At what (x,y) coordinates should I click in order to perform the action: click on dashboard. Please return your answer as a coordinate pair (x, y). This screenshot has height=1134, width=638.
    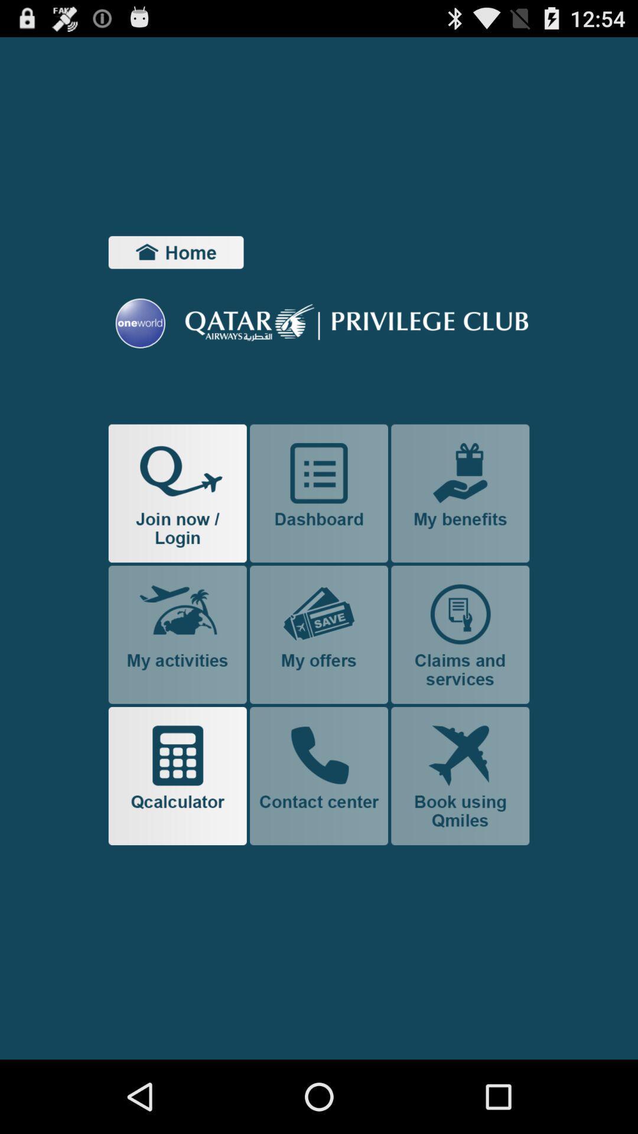
    Looking at the image, I should click on (319, 493).